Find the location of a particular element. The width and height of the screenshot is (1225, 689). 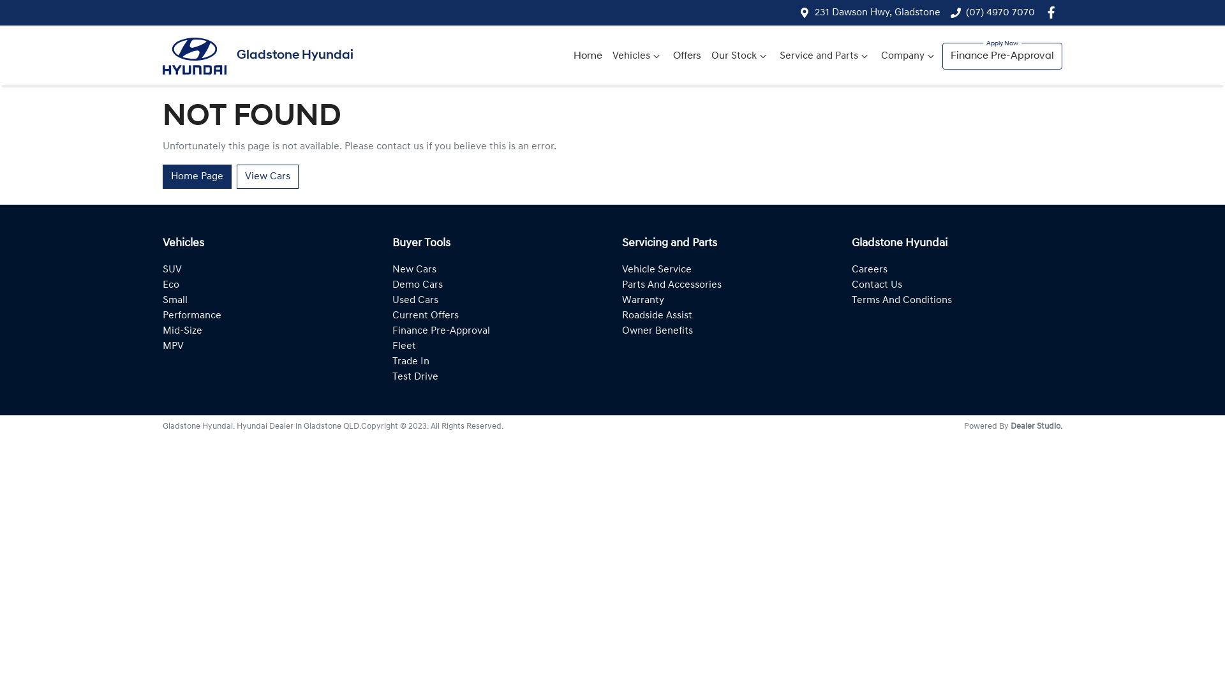

'Company' is located at coordinates (909, 56).